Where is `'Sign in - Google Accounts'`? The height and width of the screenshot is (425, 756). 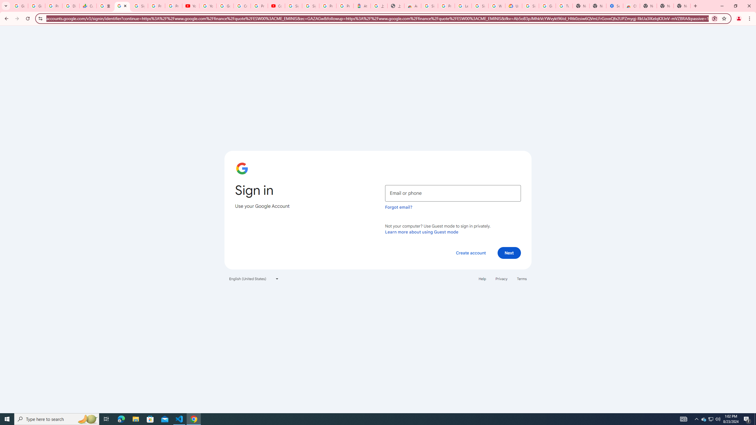 'Sign in - Google Accounts' is located at coordinates (293, 6).